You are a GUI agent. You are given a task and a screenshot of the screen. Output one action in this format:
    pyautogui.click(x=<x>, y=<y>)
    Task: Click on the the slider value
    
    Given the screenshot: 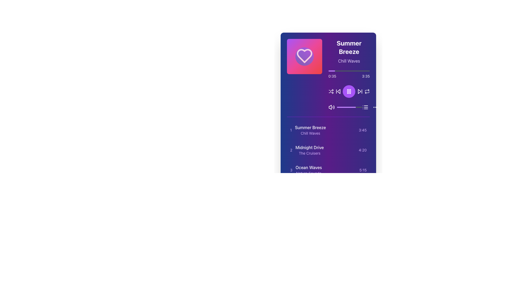 What is the action you would take?
    pyautogui.click(x=360, y=107)
    